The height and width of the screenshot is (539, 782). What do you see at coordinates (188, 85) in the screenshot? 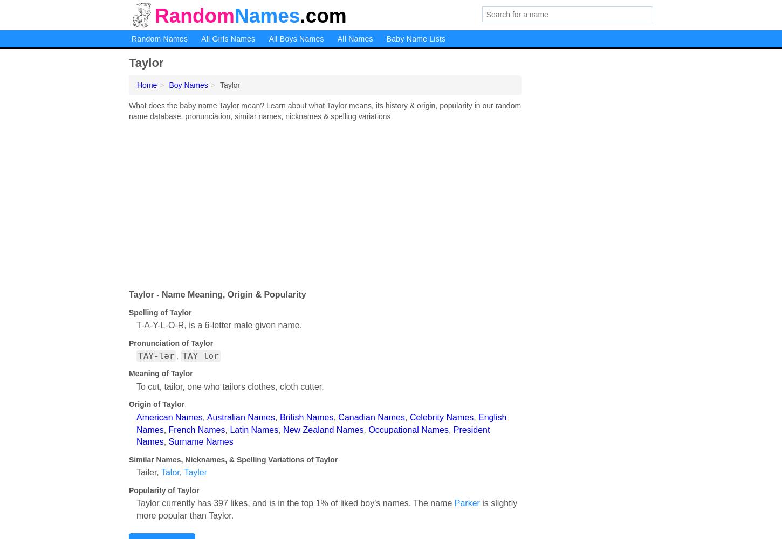
I see `'Boy Names'` at bounding box center [188, 85].